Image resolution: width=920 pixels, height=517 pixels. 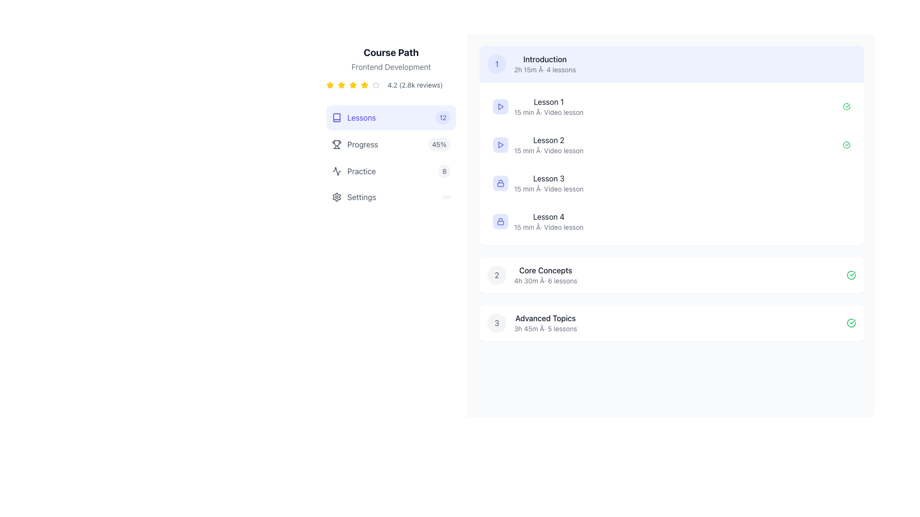 What do you see at coordinates (549, 145) in the screenshot?
I see `text block displaying 'Lesson 2' and '15 min Â· Video lesson', which is the second item under 'Introduction' in the vertical list layout` at bounding box center [549, 145].